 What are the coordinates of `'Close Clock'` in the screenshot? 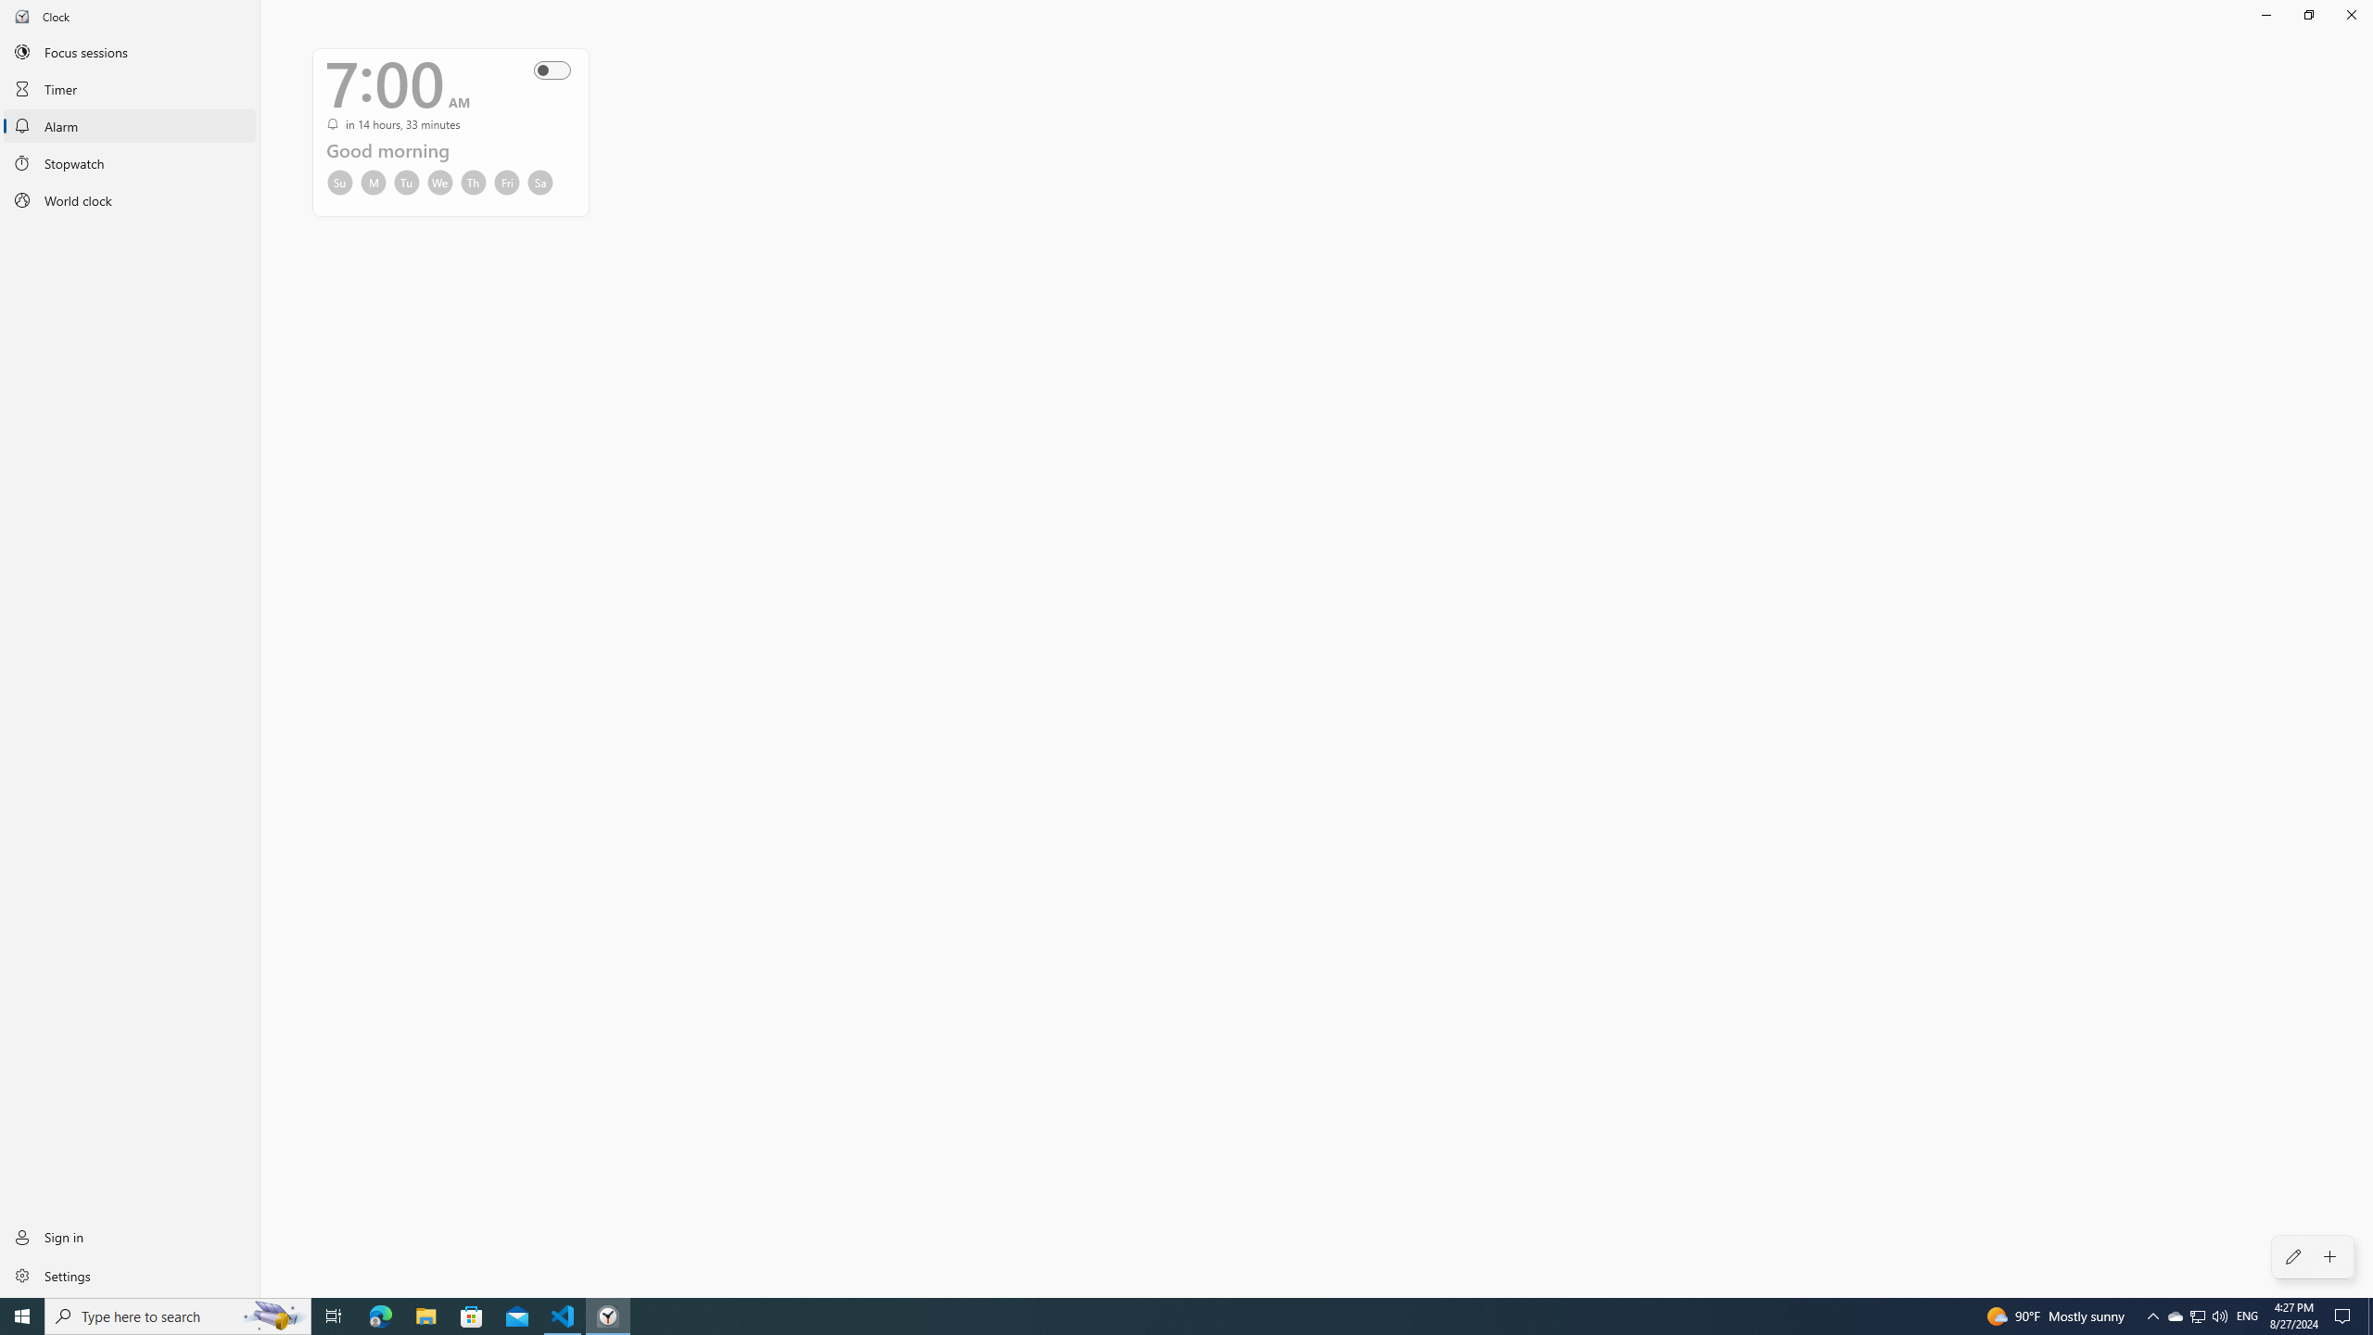 It's located at (2350, 14).